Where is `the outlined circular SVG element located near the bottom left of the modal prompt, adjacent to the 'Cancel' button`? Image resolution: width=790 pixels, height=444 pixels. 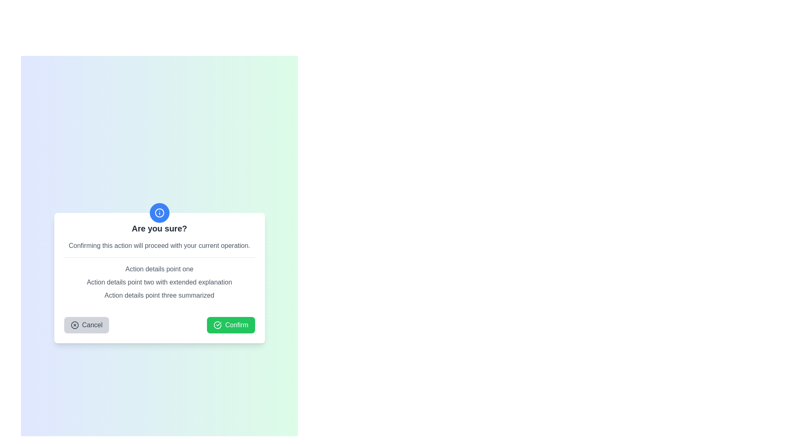
the outlined circular SVG element located near the bottom left of the modal prompt, adjacent to the 'Cancel' button is located at coordinates (74, 324).